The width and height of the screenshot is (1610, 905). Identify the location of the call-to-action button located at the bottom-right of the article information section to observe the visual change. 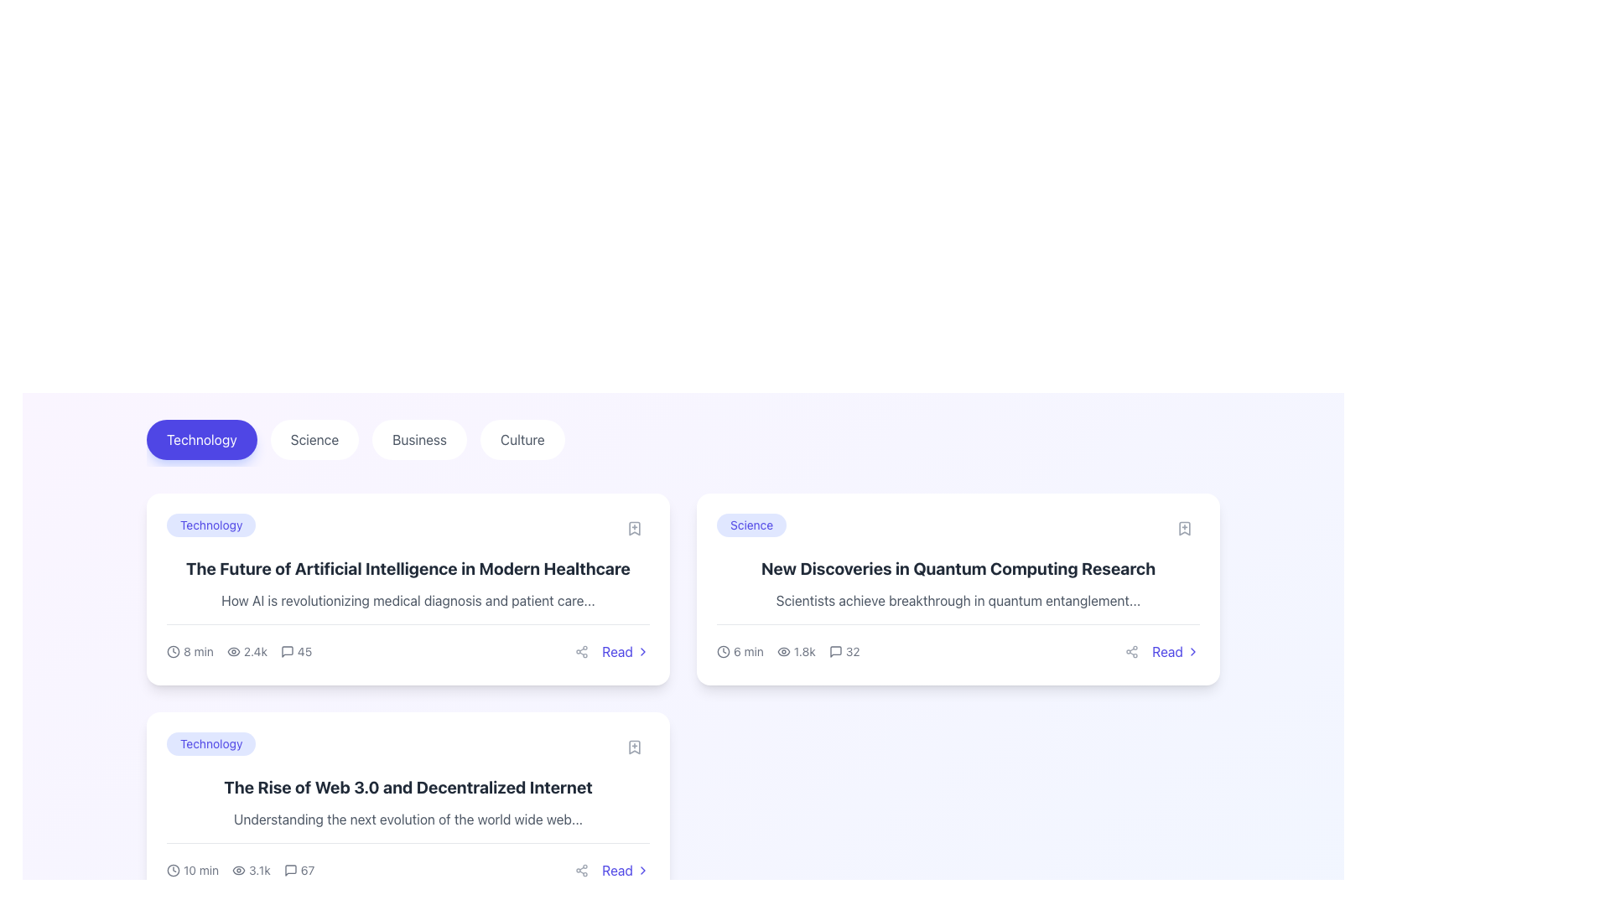
(608, 869).